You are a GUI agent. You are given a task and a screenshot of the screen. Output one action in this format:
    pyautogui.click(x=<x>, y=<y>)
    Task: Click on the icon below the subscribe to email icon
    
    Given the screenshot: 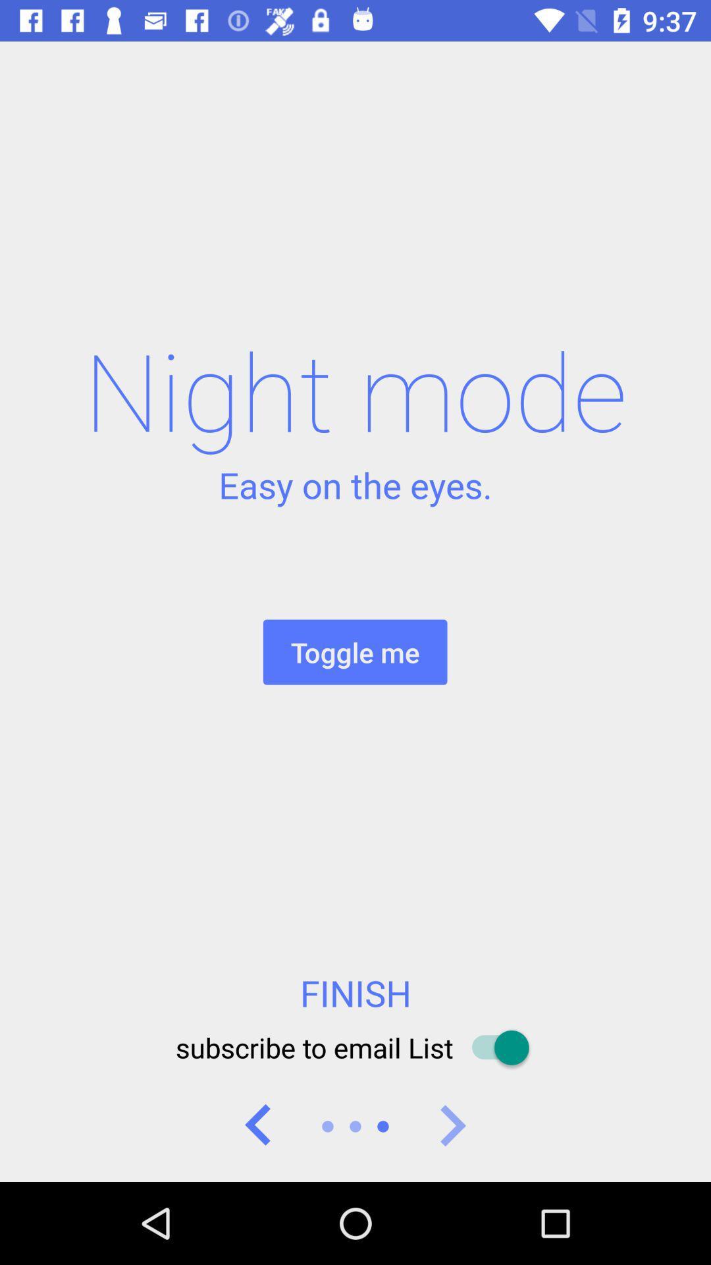 What is the action you would take?
    pyautogui.click(x=451, y=1125)
    